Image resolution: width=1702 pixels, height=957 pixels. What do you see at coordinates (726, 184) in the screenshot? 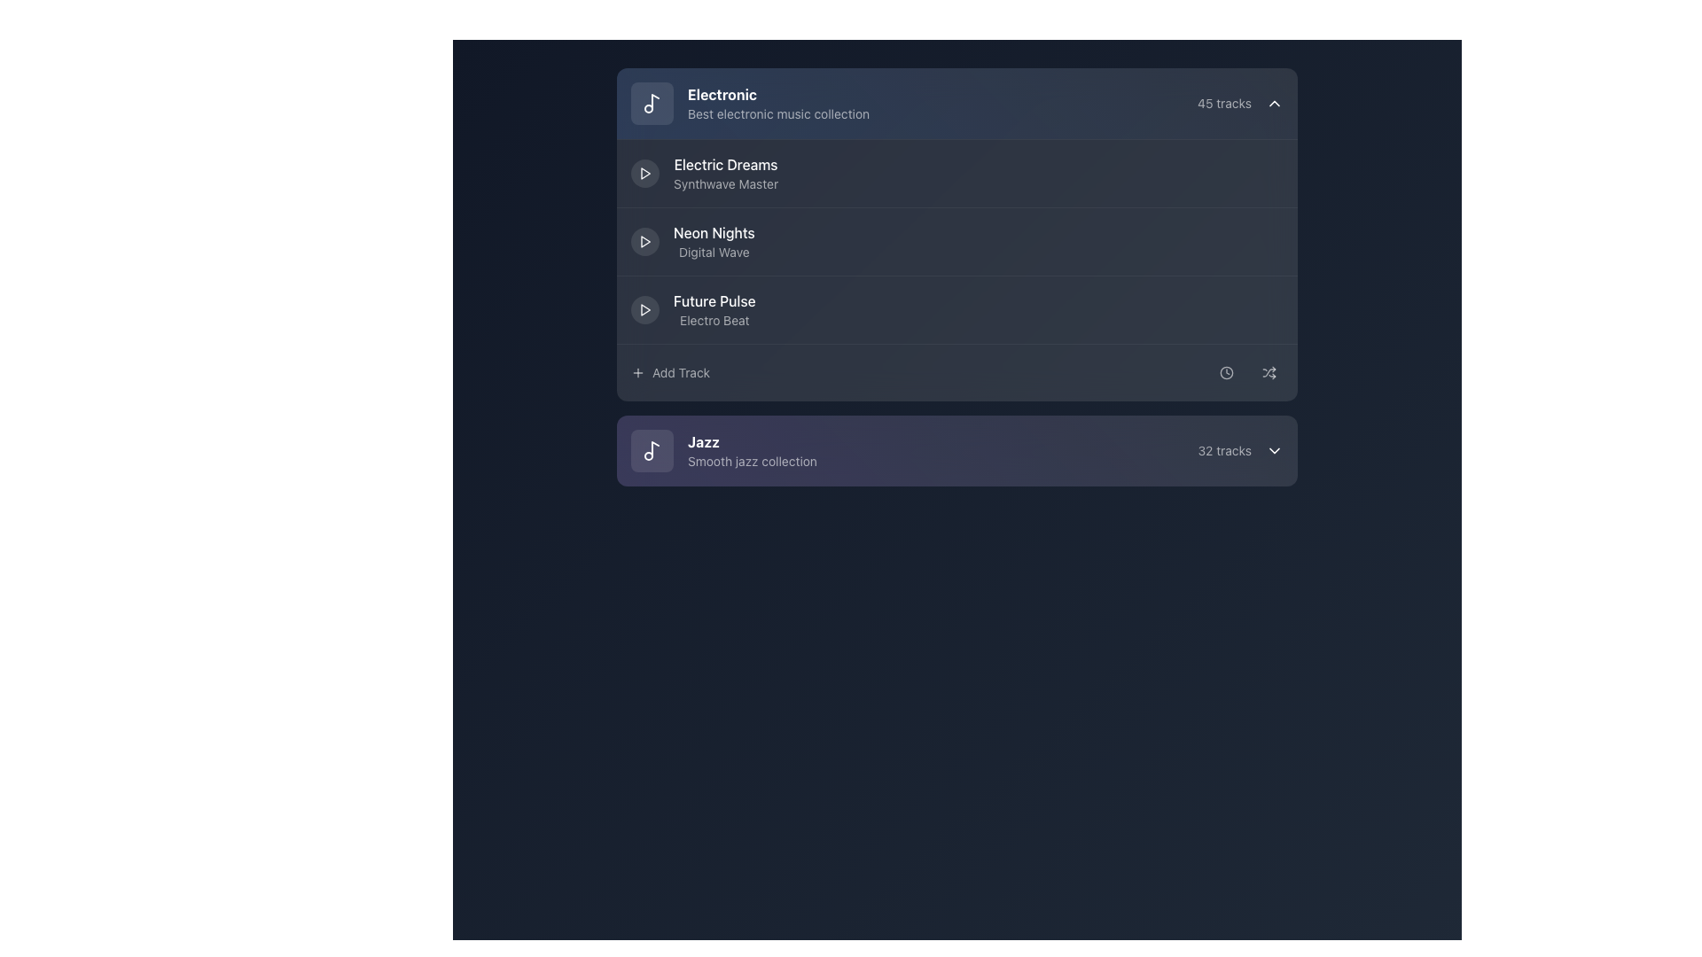
I see `the text label containing 'Synthwave Master', which is styled in small white text with 60% opacity and located below 'Electric Dreams'` at bounding box center [726, 184].